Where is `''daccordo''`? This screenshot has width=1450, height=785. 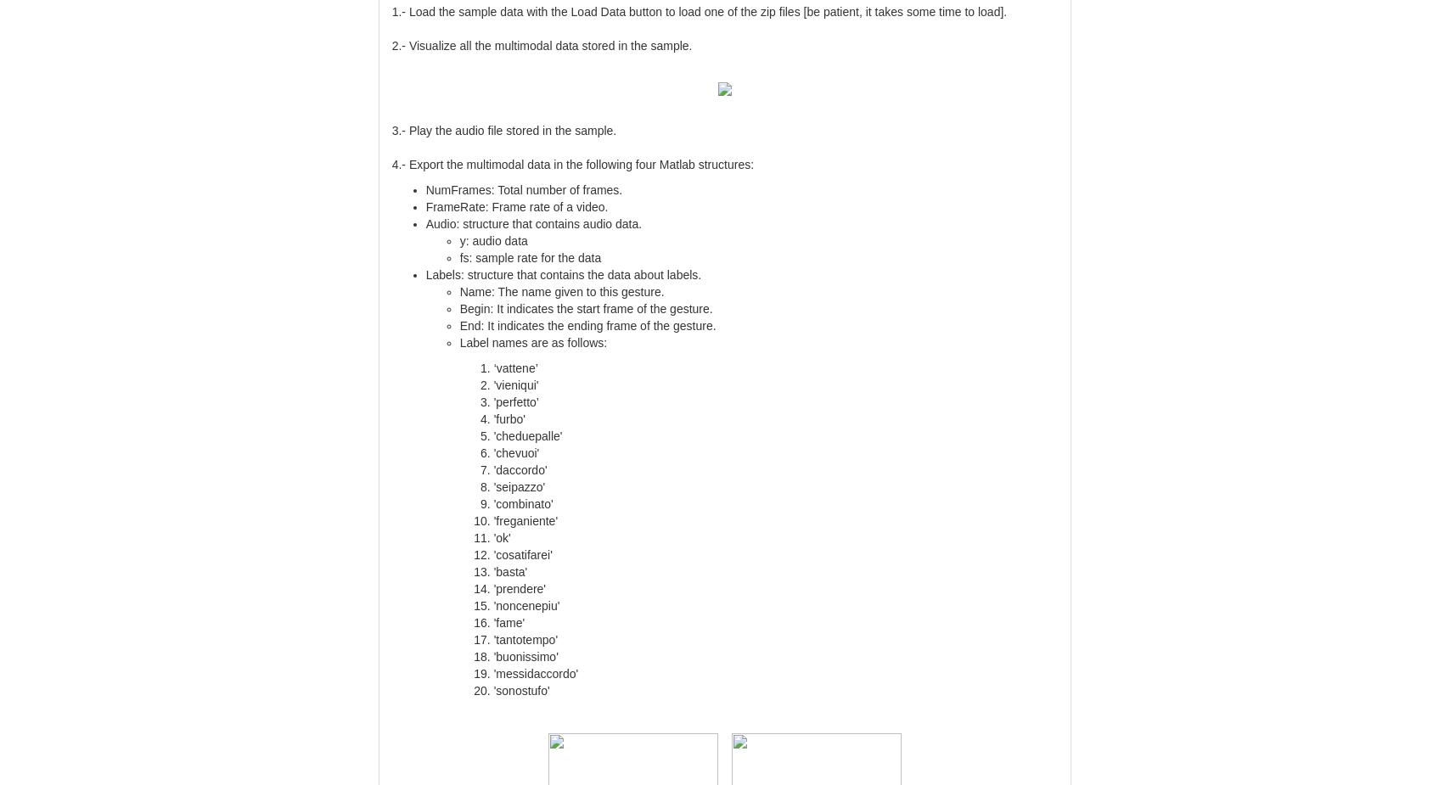 ''daccordo'' is located at coordinates (520, 468).